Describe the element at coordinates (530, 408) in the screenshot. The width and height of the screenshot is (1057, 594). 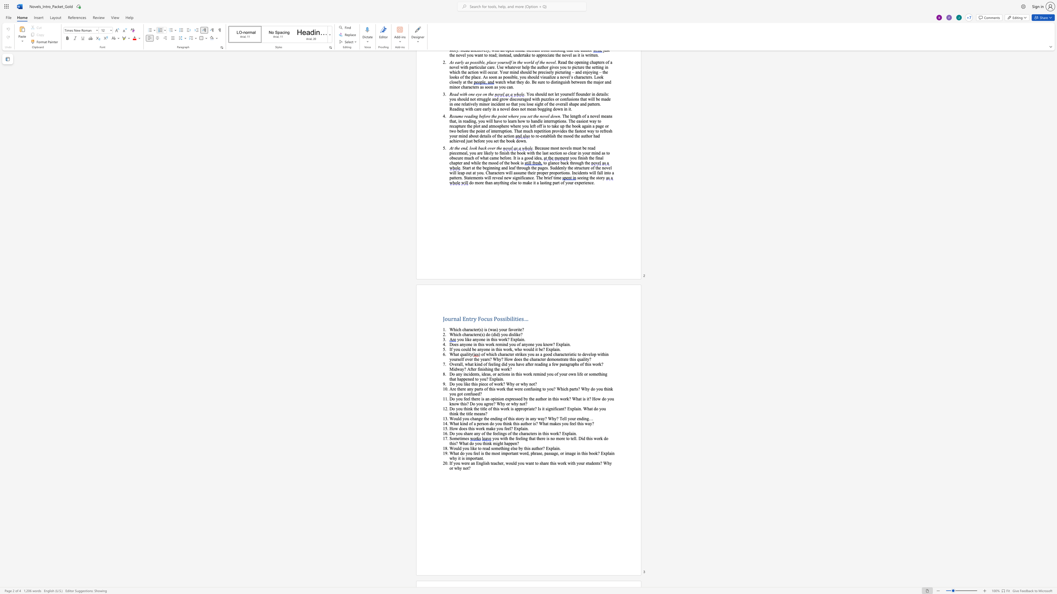
I see `the space between the continuous character "i" and "a" in the text` at that location.